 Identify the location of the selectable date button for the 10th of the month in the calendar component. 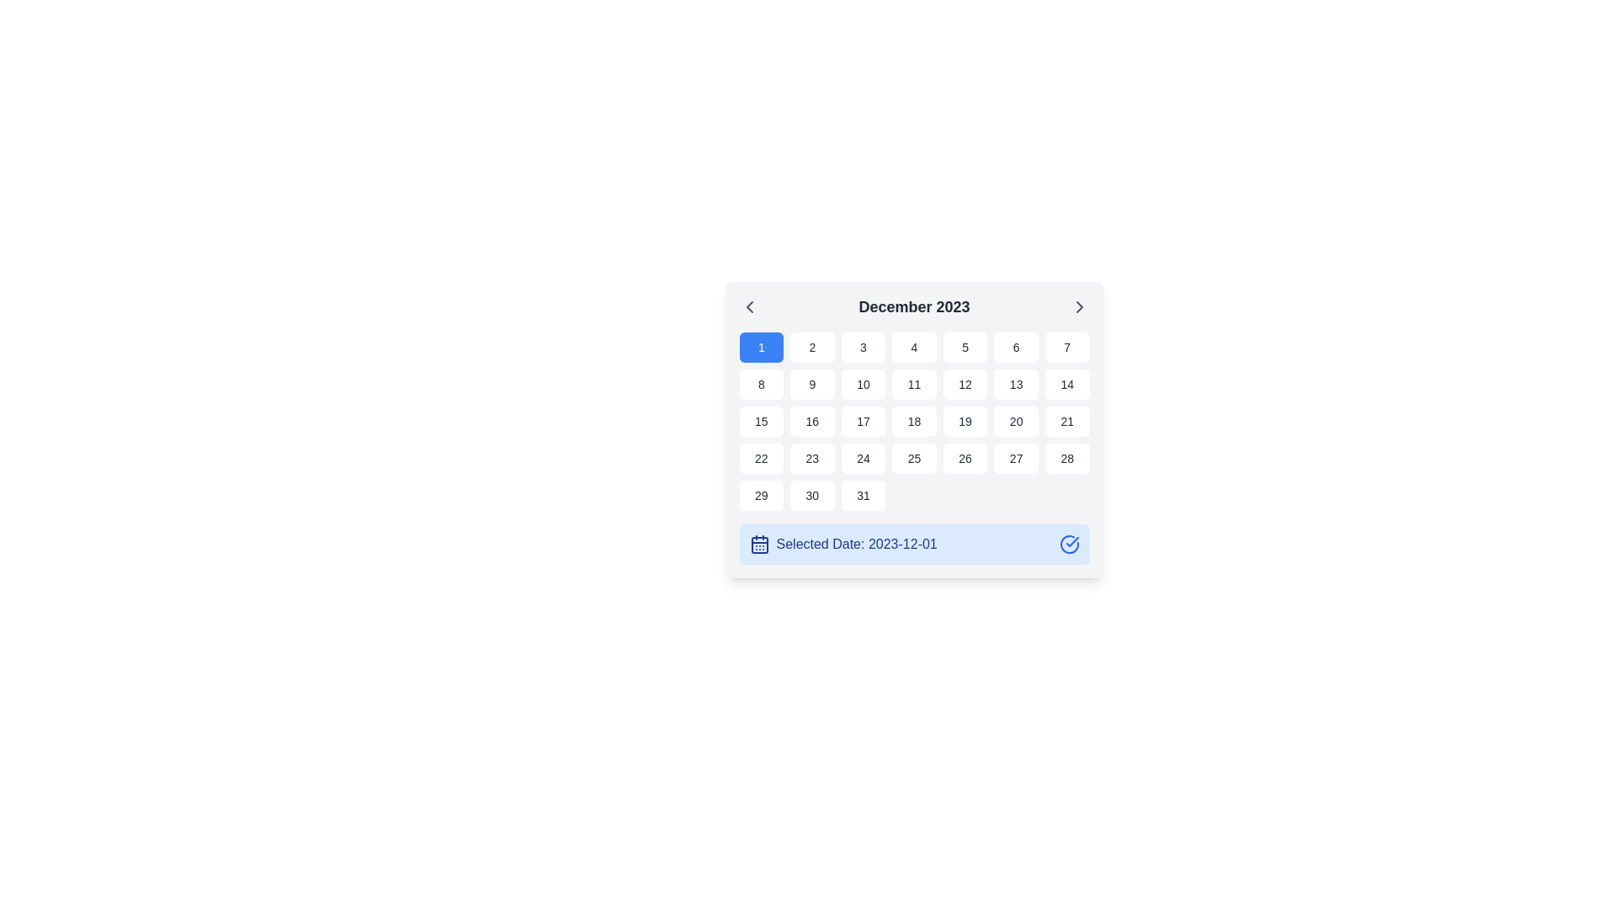
(863, 384).